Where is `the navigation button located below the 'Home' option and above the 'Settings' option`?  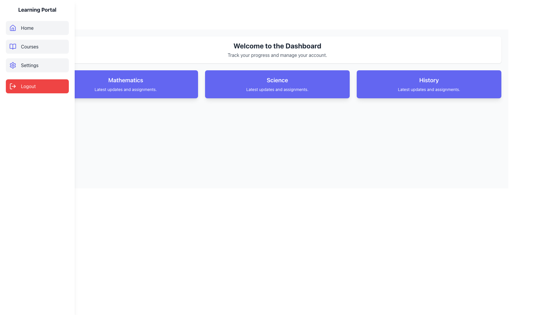 the navigation button located below the 'Home' option and above the 'Settings' option is located at coordinates (37, 46).